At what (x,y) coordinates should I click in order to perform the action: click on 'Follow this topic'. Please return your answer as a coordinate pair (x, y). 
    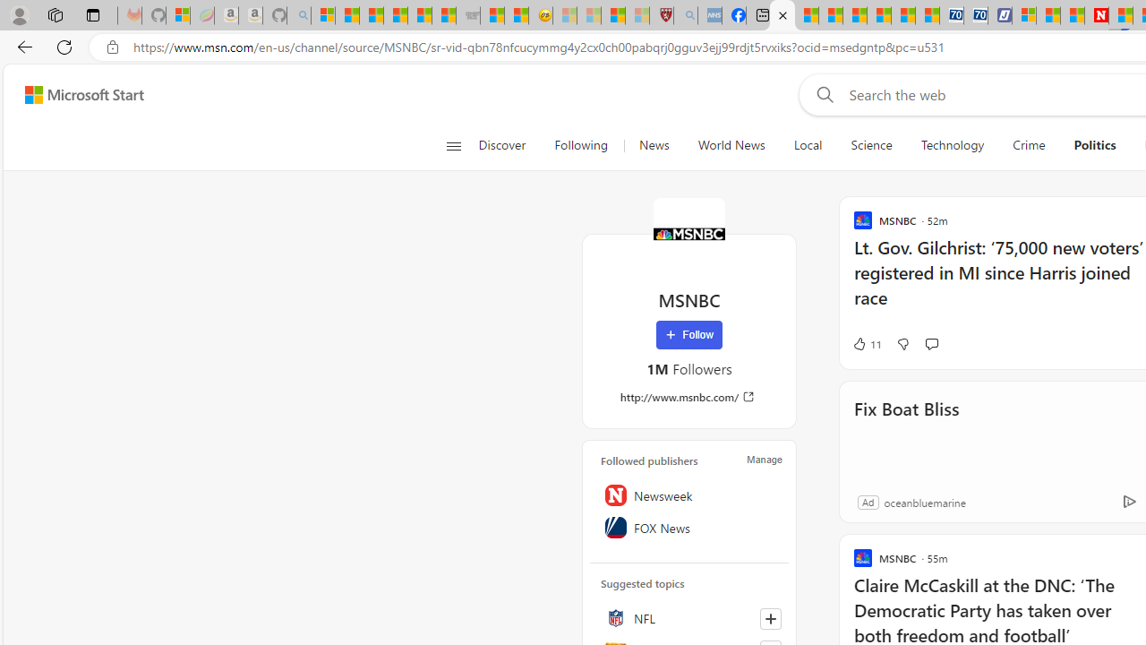
    Looking at the image, I should click on (770, 617).